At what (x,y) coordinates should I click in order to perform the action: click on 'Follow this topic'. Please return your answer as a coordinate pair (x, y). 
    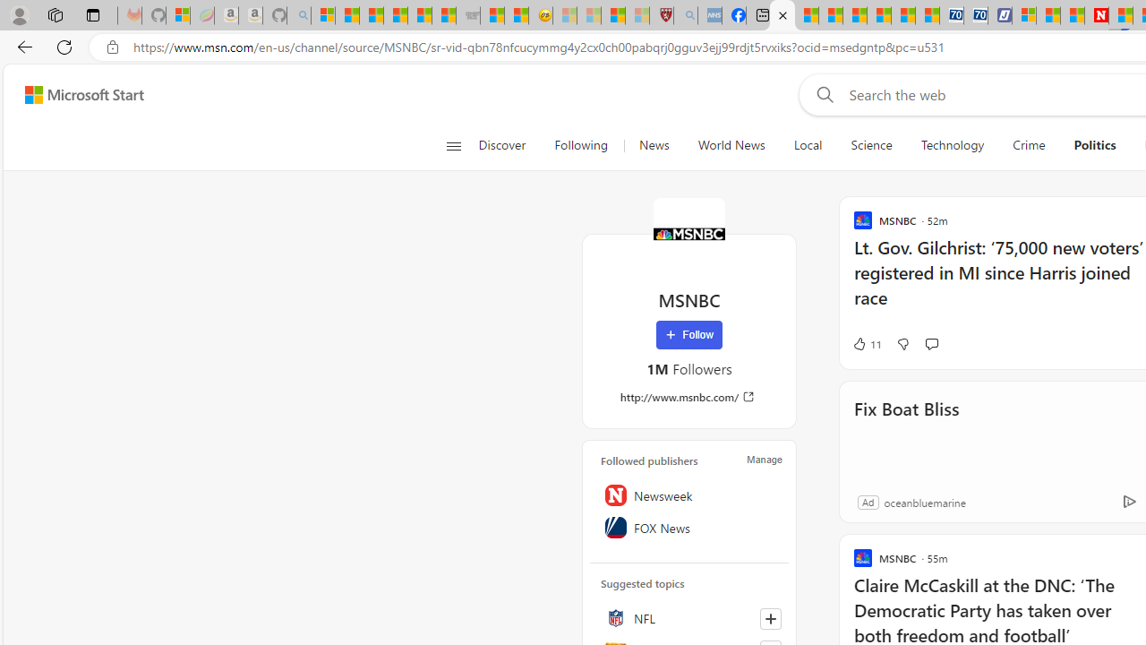
    Looking at the image, I should click on (770, 617).